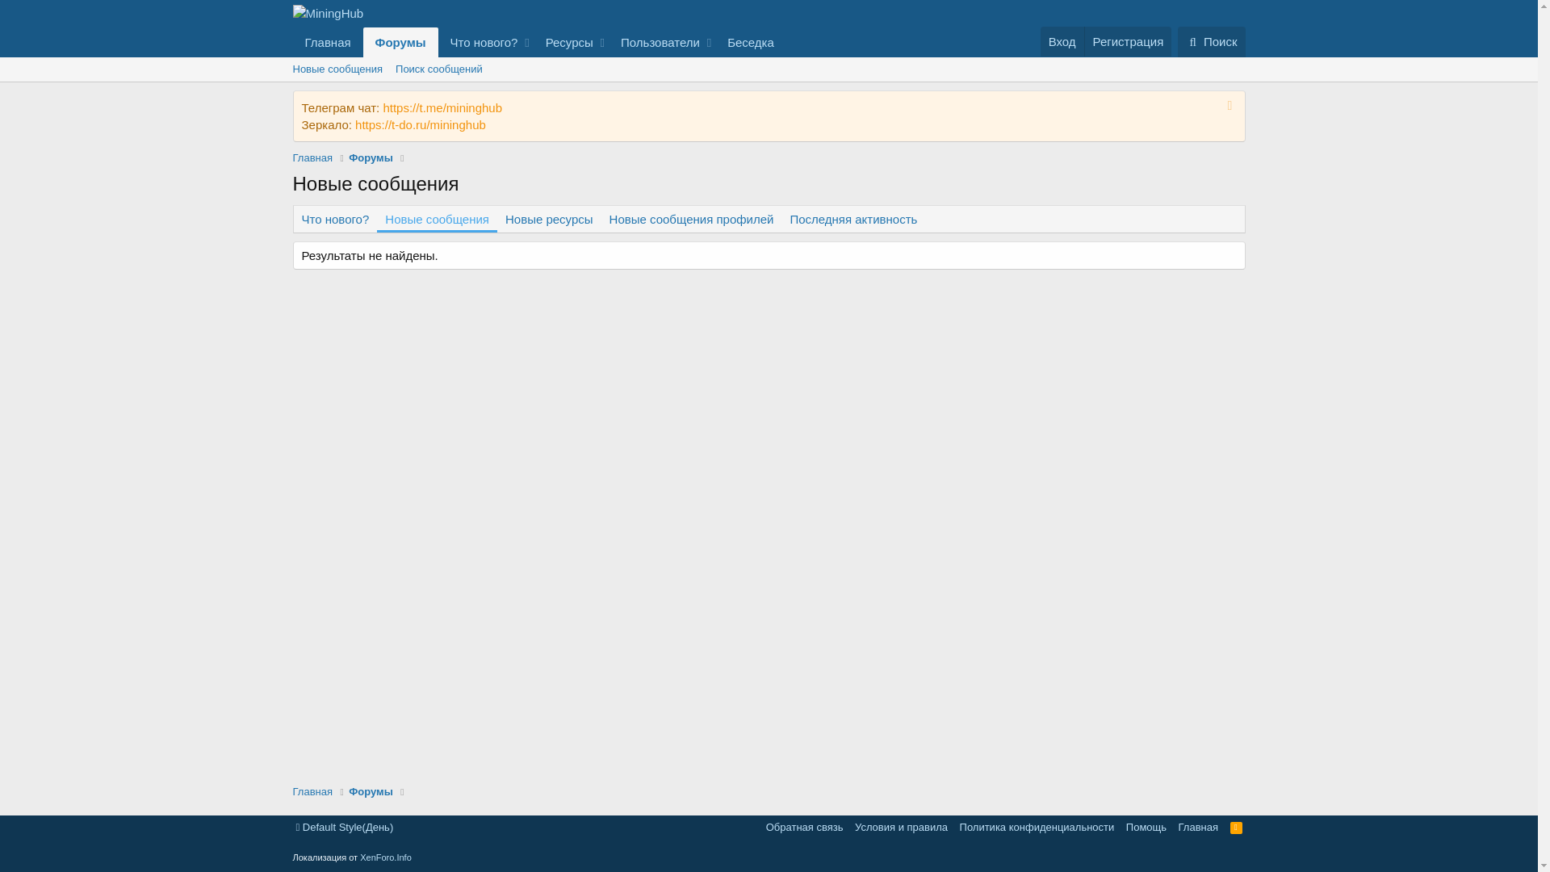 The width and height of the screenshot is (1550, 872). I want to click on 'XenForo.Info', so click(385, 856).